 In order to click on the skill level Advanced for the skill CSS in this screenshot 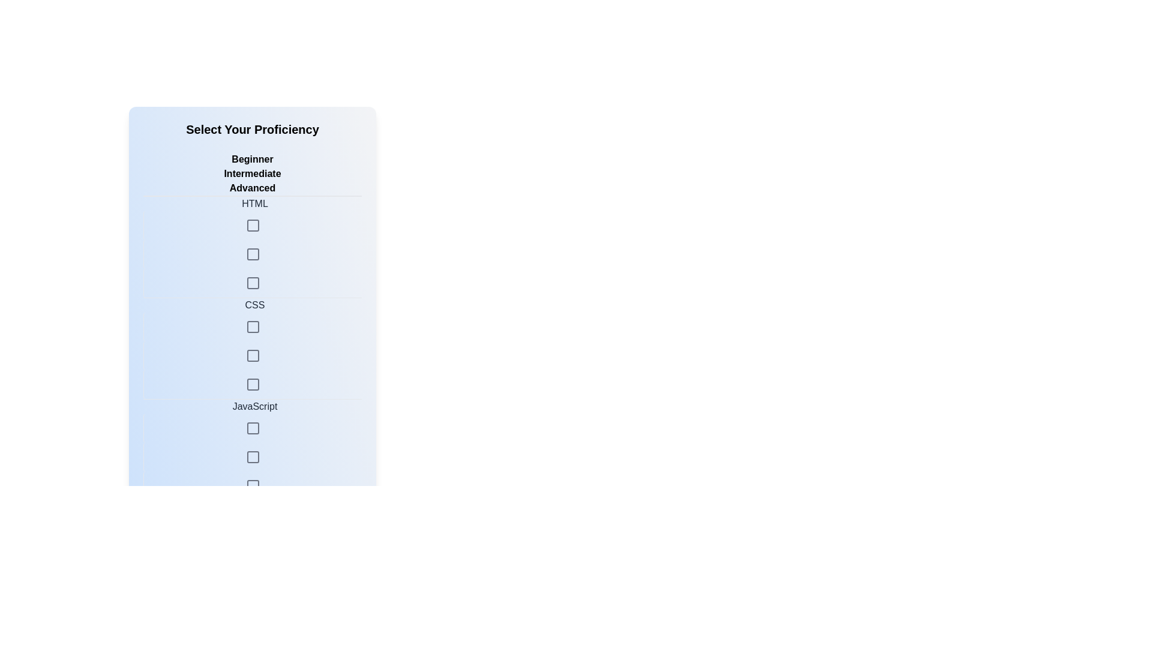, I will do `click(252, 356)`.